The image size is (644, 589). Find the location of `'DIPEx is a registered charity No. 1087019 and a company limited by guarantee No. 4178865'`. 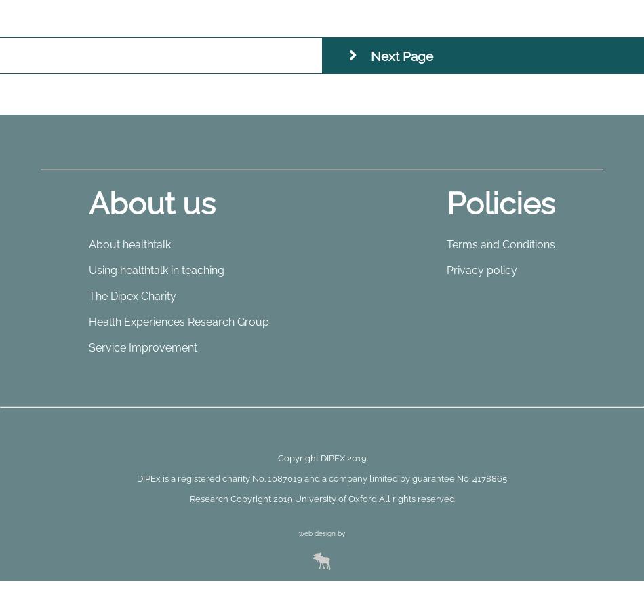

'DIPEx is a registered charity No. 1087019 and a company limited by guarantee No. 4178865' is located at coordinates (322, 478).